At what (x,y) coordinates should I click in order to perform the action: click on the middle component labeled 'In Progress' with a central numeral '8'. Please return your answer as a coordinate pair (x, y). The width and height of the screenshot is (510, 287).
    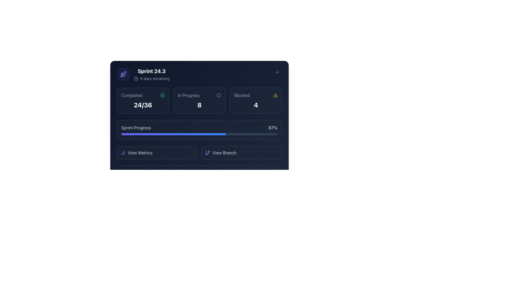
    Looking at the image, I should click on (199, 100).